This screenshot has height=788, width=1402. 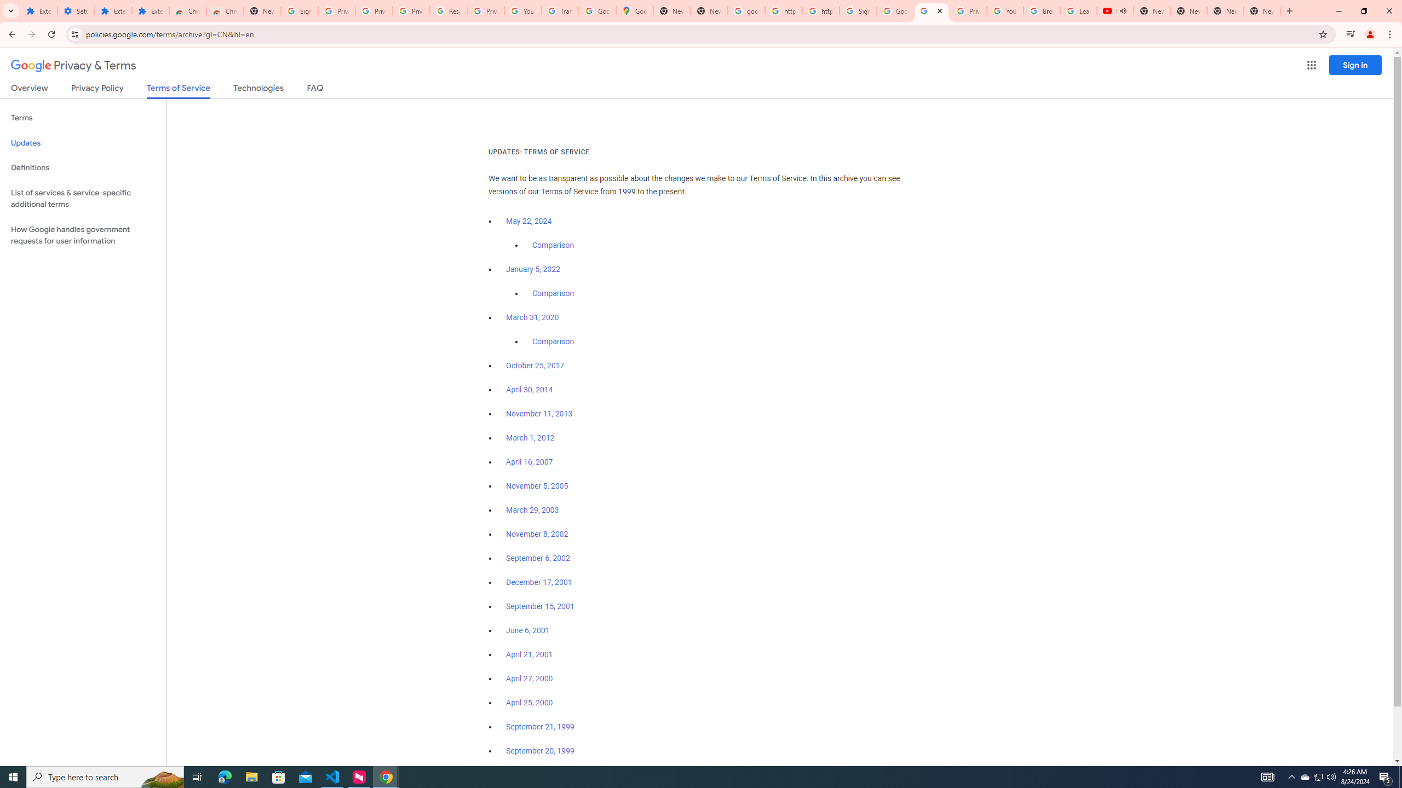 I want to click on 'How Google handles government requests for user information', so click(x=83, y=234).